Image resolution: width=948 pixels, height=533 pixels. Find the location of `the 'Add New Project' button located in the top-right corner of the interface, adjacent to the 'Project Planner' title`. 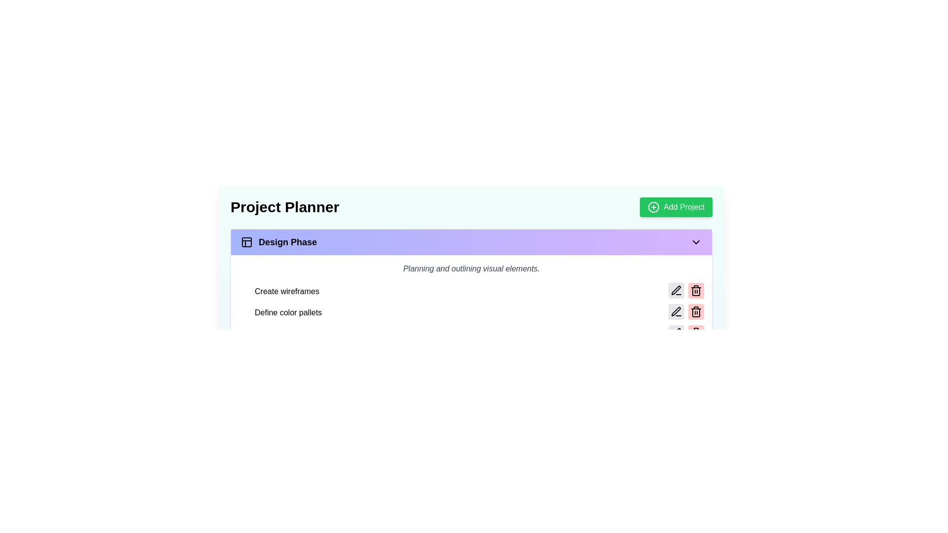

the 'Add New Project' button located in the top-right corner of the interface, adjacent to the 'Project Planner' title is located at coordinates (675, 207).